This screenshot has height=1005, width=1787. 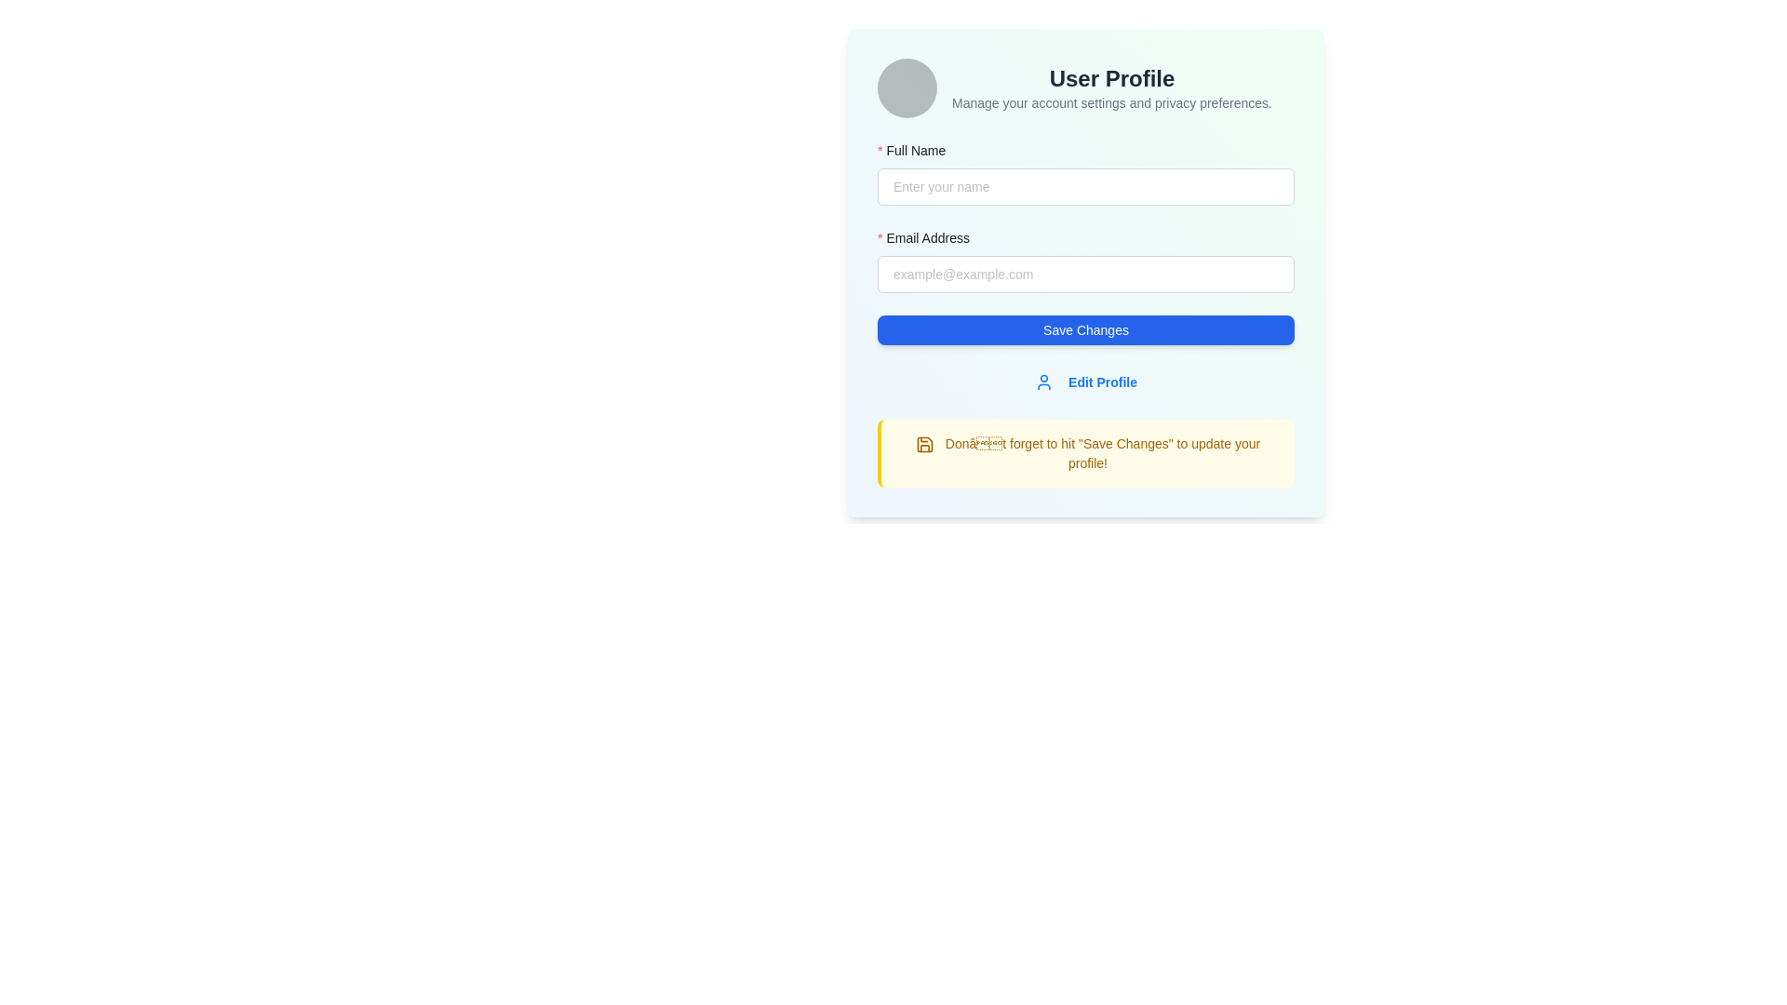 What do you see at coordinates (924, 445) in the screenshot?
I see `the 'save' icon located near the bottom center of the interface, which represents the ability to save data` at bounding box center [924, 445].